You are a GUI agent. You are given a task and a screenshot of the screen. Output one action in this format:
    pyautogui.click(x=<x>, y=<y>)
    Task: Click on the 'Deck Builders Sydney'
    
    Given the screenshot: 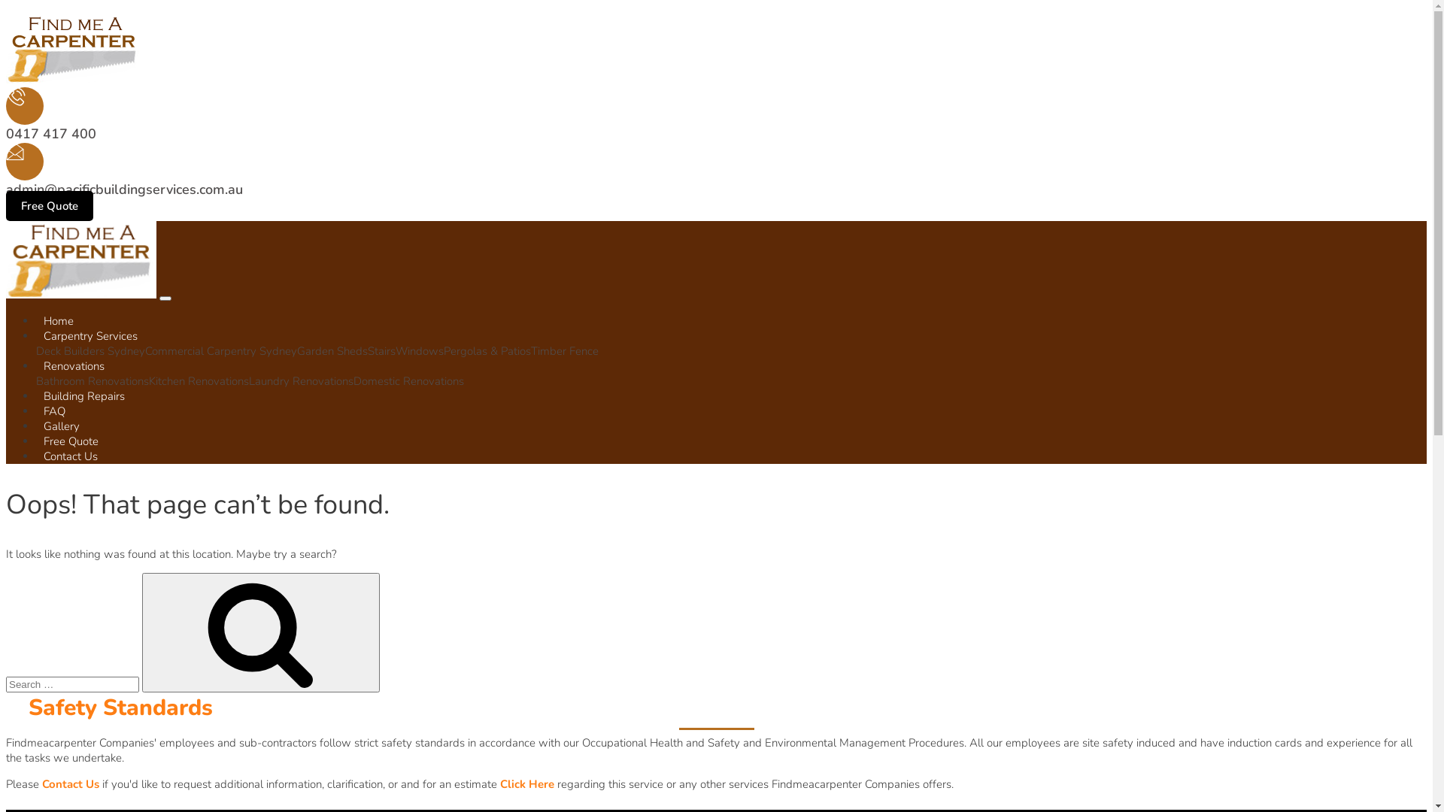 What is the action you would take?
    pyautogui.click(x=36, y=350)
    